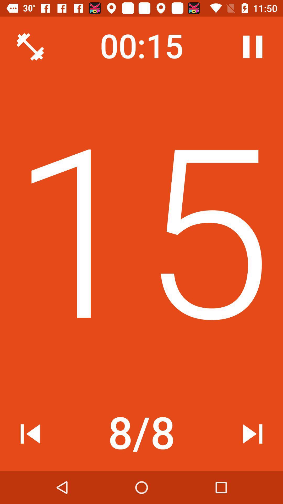  What do you see at coordinates (252, 47) in the screenshot?
I see `icon at the top right corner` at bounding box center [252, 47].